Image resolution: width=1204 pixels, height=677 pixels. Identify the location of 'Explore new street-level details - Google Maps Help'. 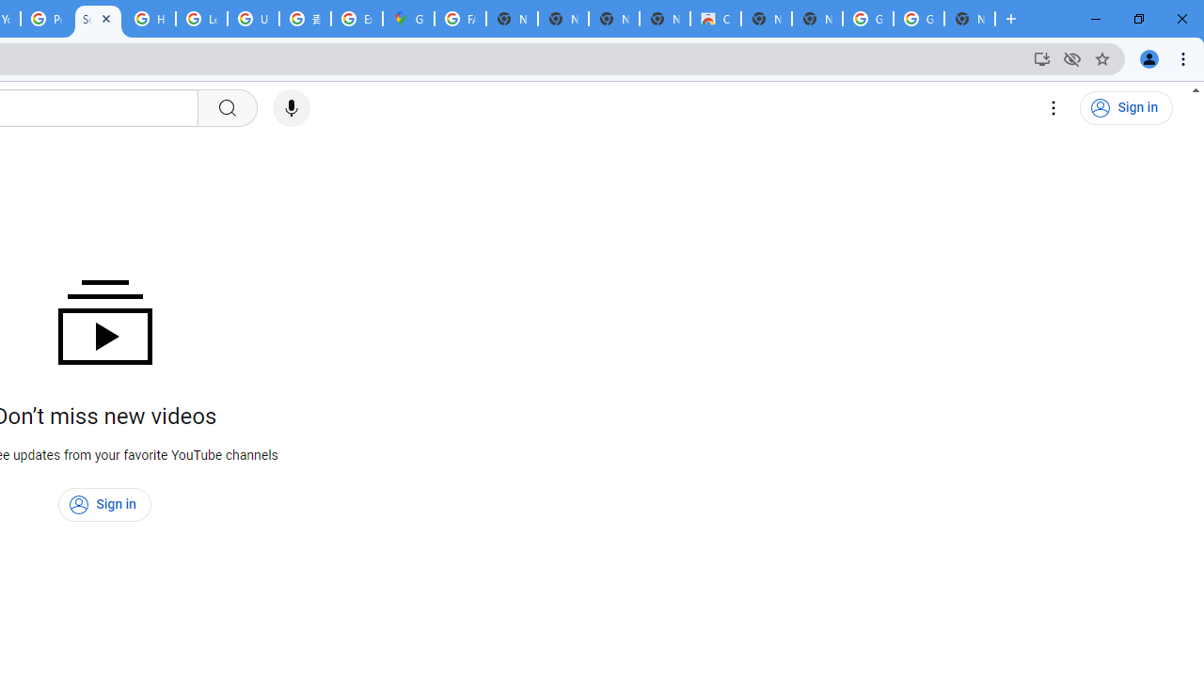
(356, 19).